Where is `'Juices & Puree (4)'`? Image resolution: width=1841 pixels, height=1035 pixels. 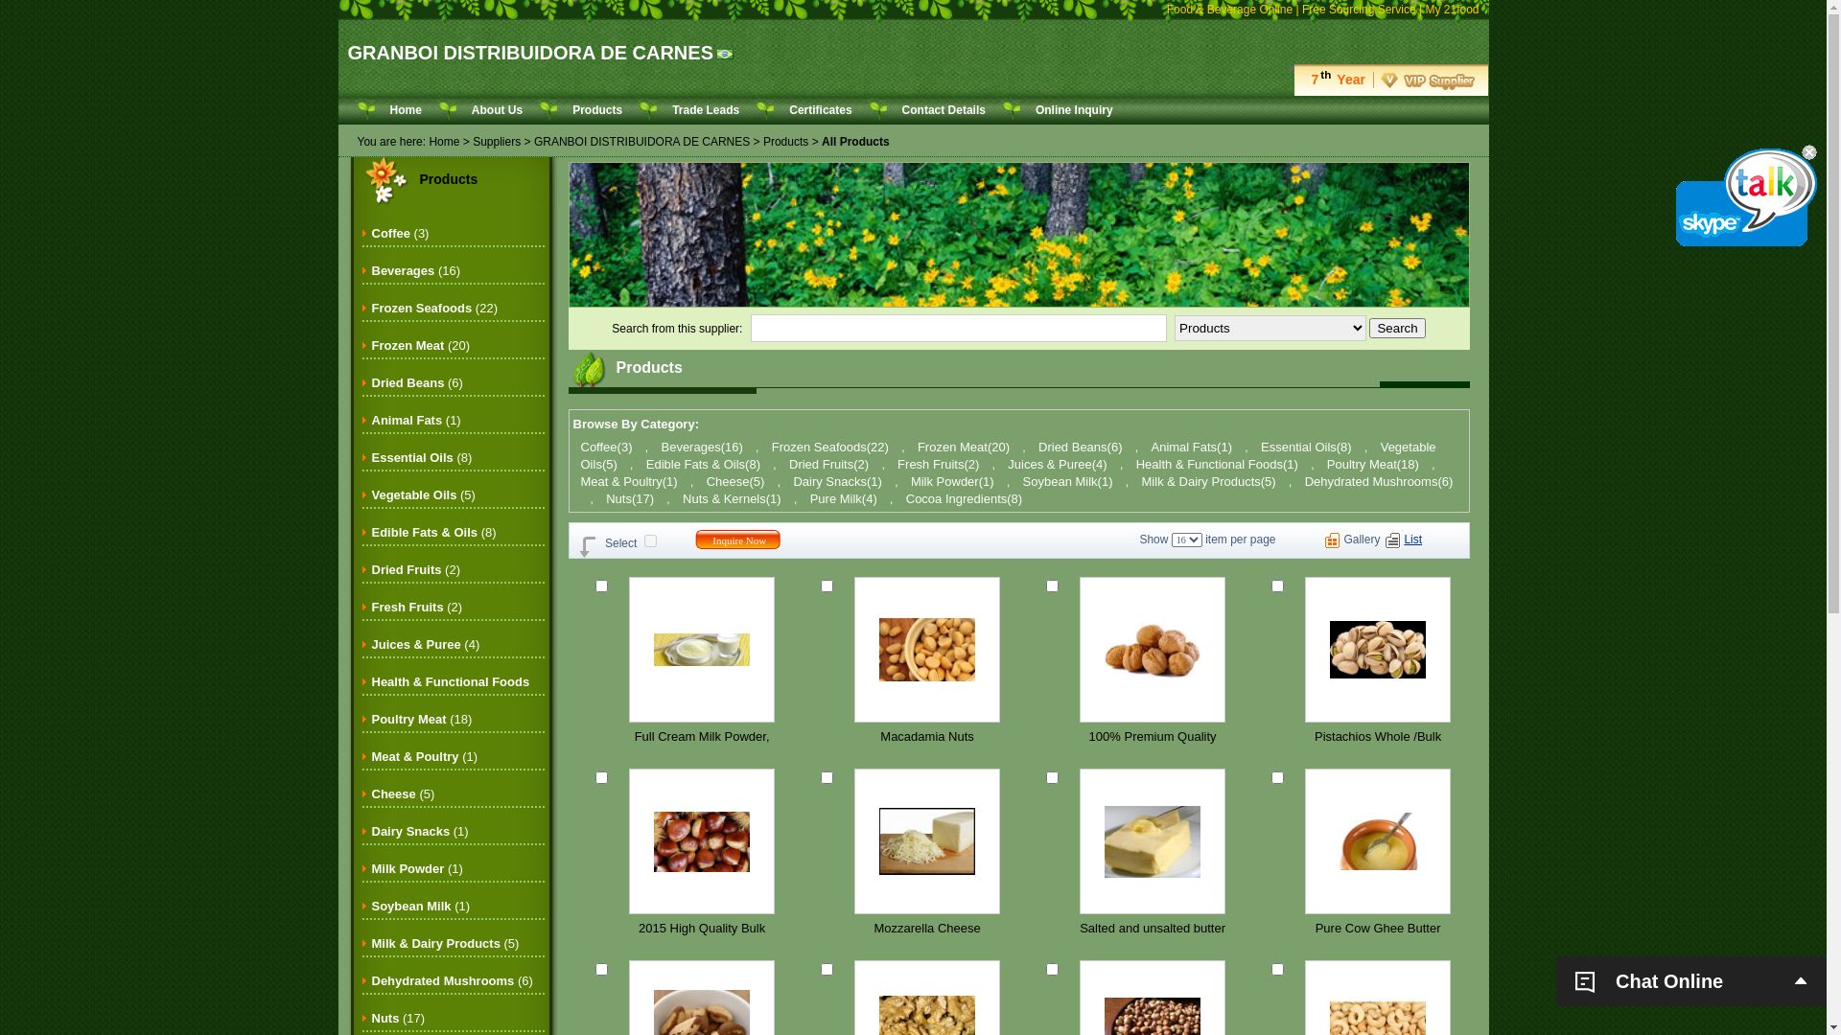 'Juices & Puree (4)' is located at coordinates (425, 644).